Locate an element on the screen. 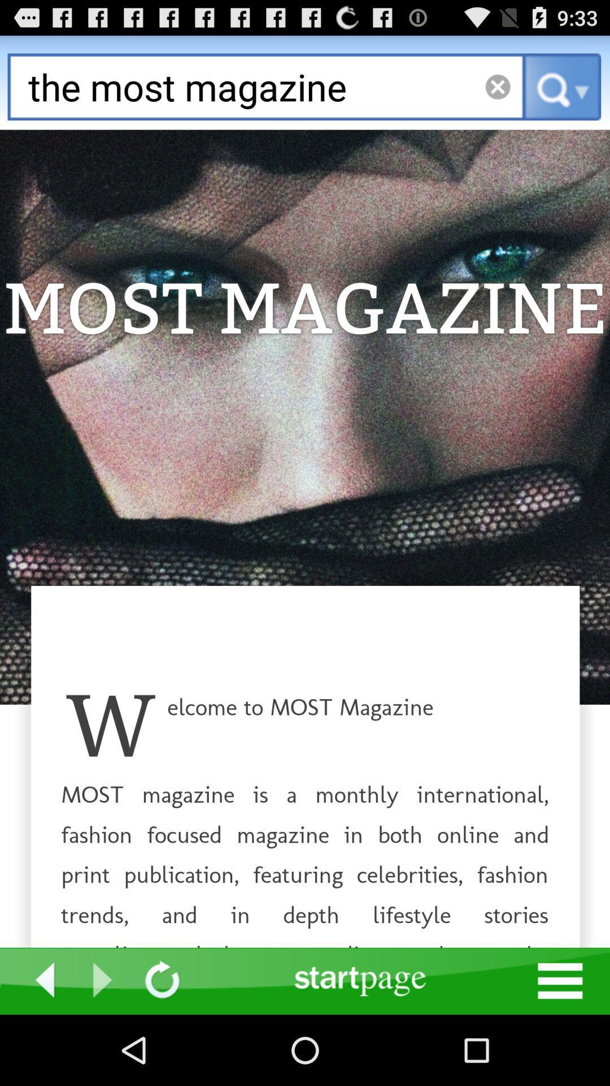  delete text is located at coordinates (497, 86).